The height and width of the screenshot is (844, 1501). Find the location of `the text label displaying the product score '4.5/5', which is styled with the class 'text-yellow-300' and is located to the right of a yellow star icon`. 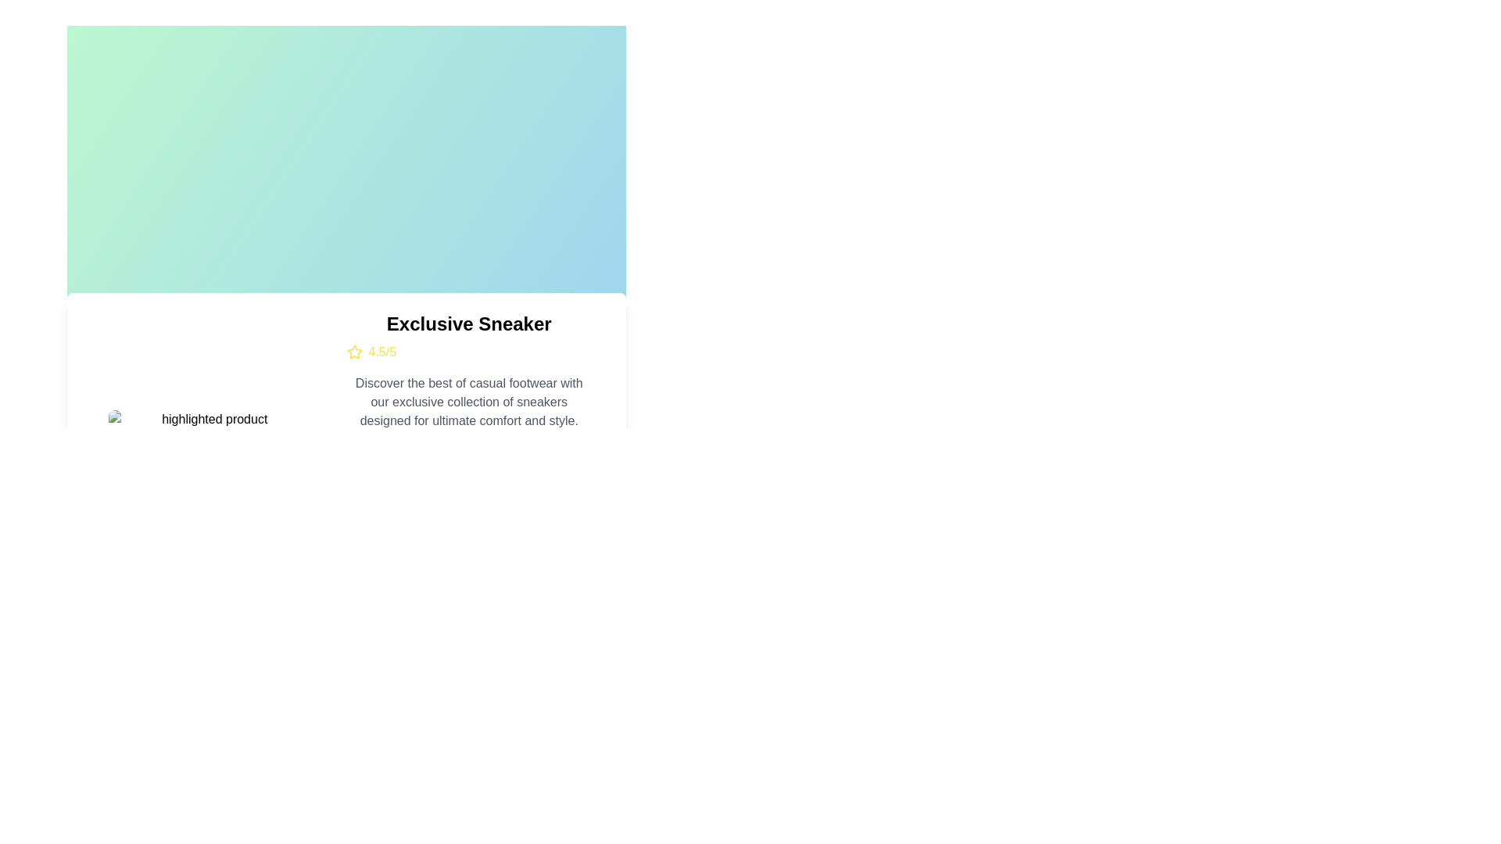

the text label displaying the product score '4.5/5', which is styled with the class 'text-yellow-300' and is located to the right of a yellow star icon is located at coordinates (382, 352).